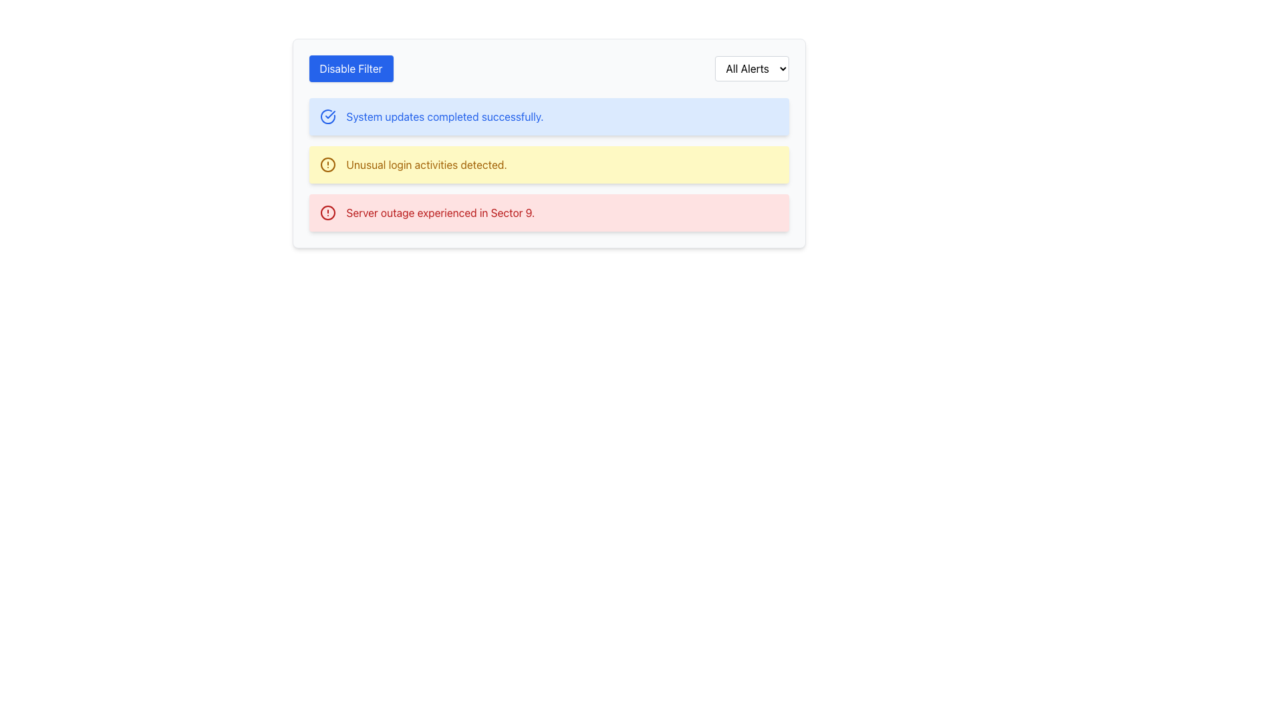 The image size is (1283, 721). I want to click on the circular checkmark icon that indicates successful system updates, located adjacent to the notification text 'System updates completed successfully.', so click(327, 115).